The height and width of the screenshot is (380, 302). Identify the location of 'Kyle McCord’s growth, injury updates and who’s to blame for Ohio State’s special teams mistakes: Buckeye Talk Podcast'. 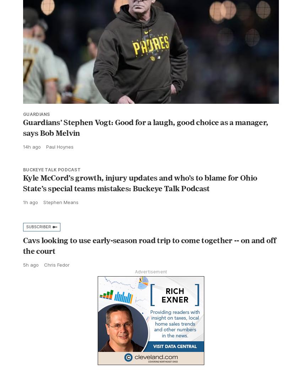
(140, 198).